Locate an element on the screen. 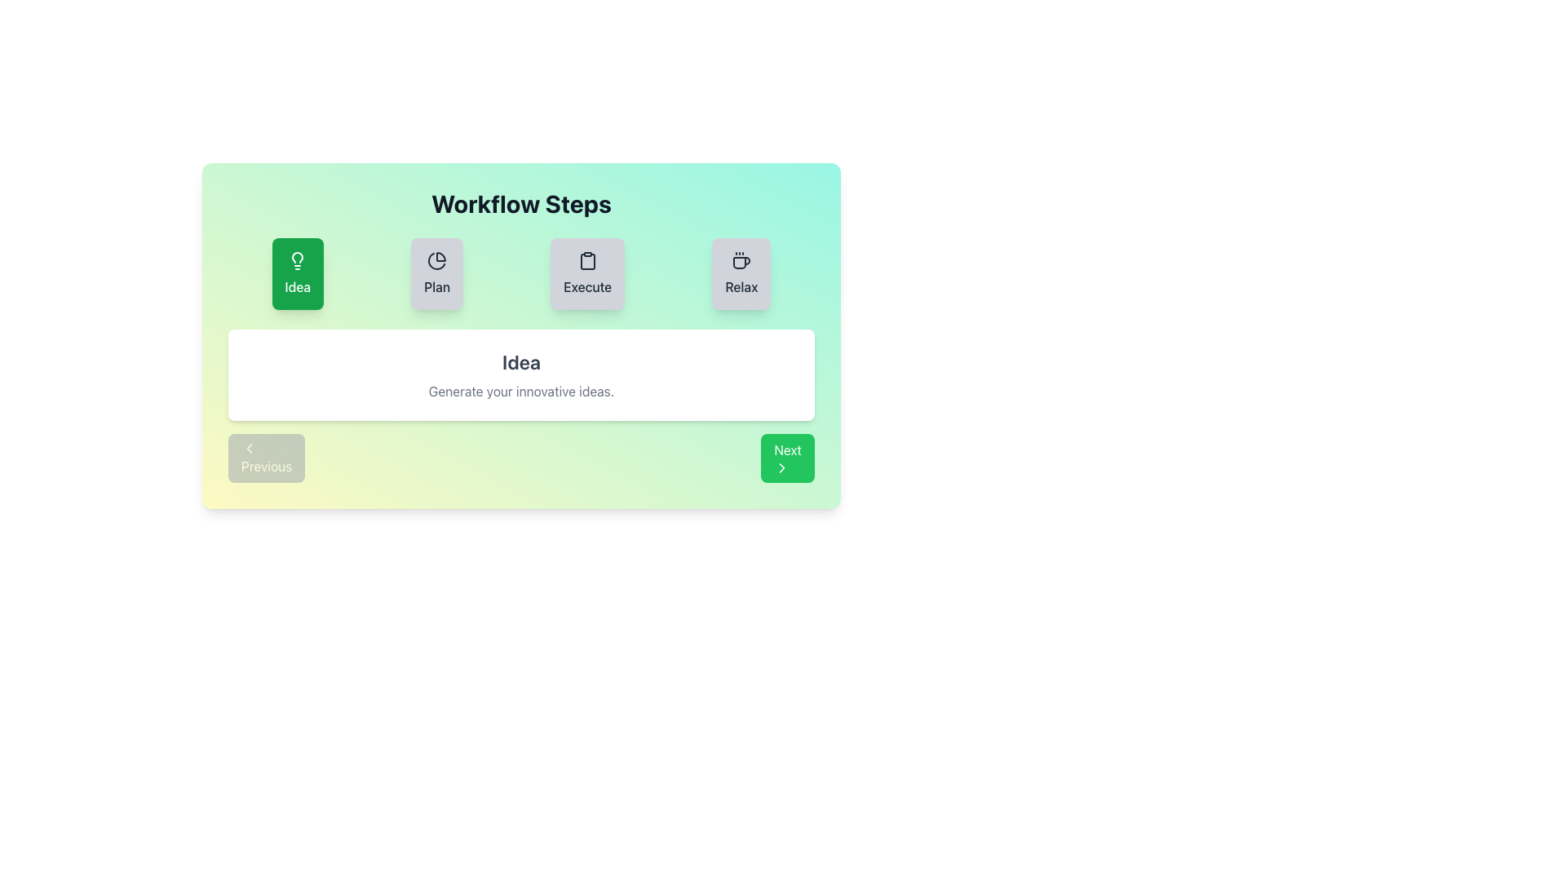 The height and width of the screenshot is (881, 1566). the 'Execute' icon which represents the functionality of executing tasks, located within the third card from the left in the Workflow Steps section is located at coordinates (587, 260).